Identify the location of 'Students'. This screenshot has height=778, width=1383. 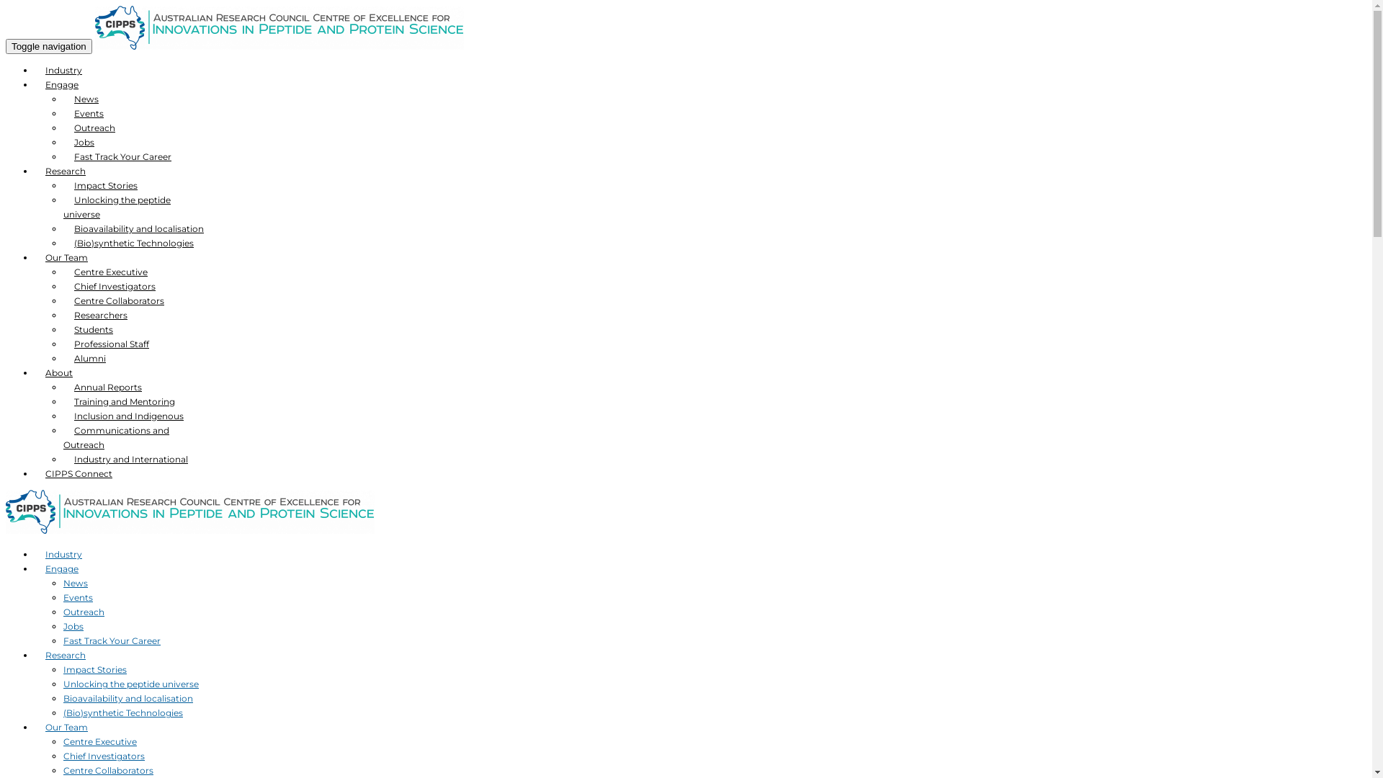
(92, 329).